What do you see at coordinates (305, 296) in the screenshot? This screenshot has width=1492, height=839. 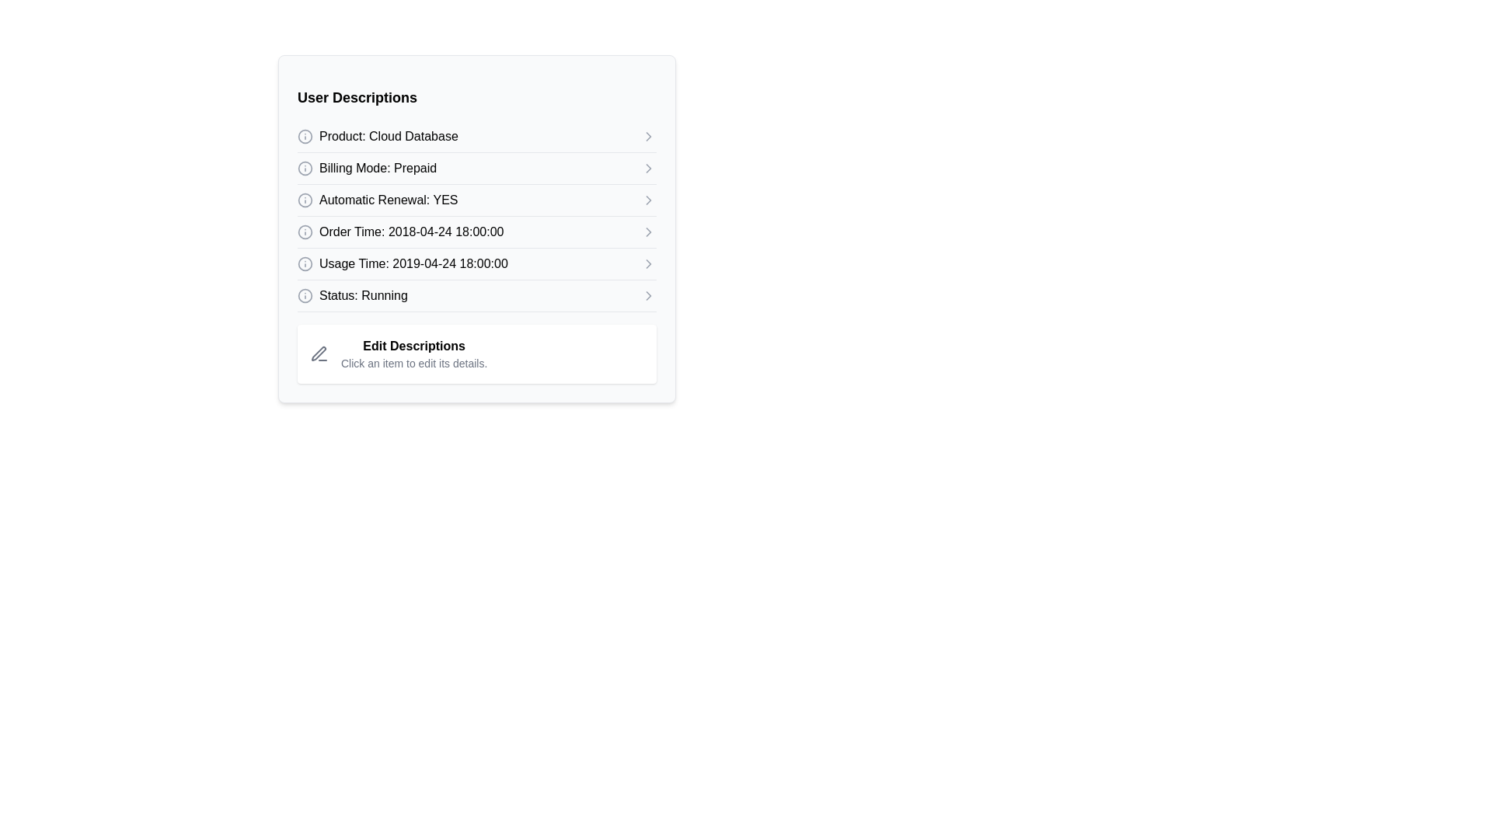 I see `the information indicator icon located to the left of the text 'Status: Running' to obtain additional details about its status` at bounding box center [305, 296].